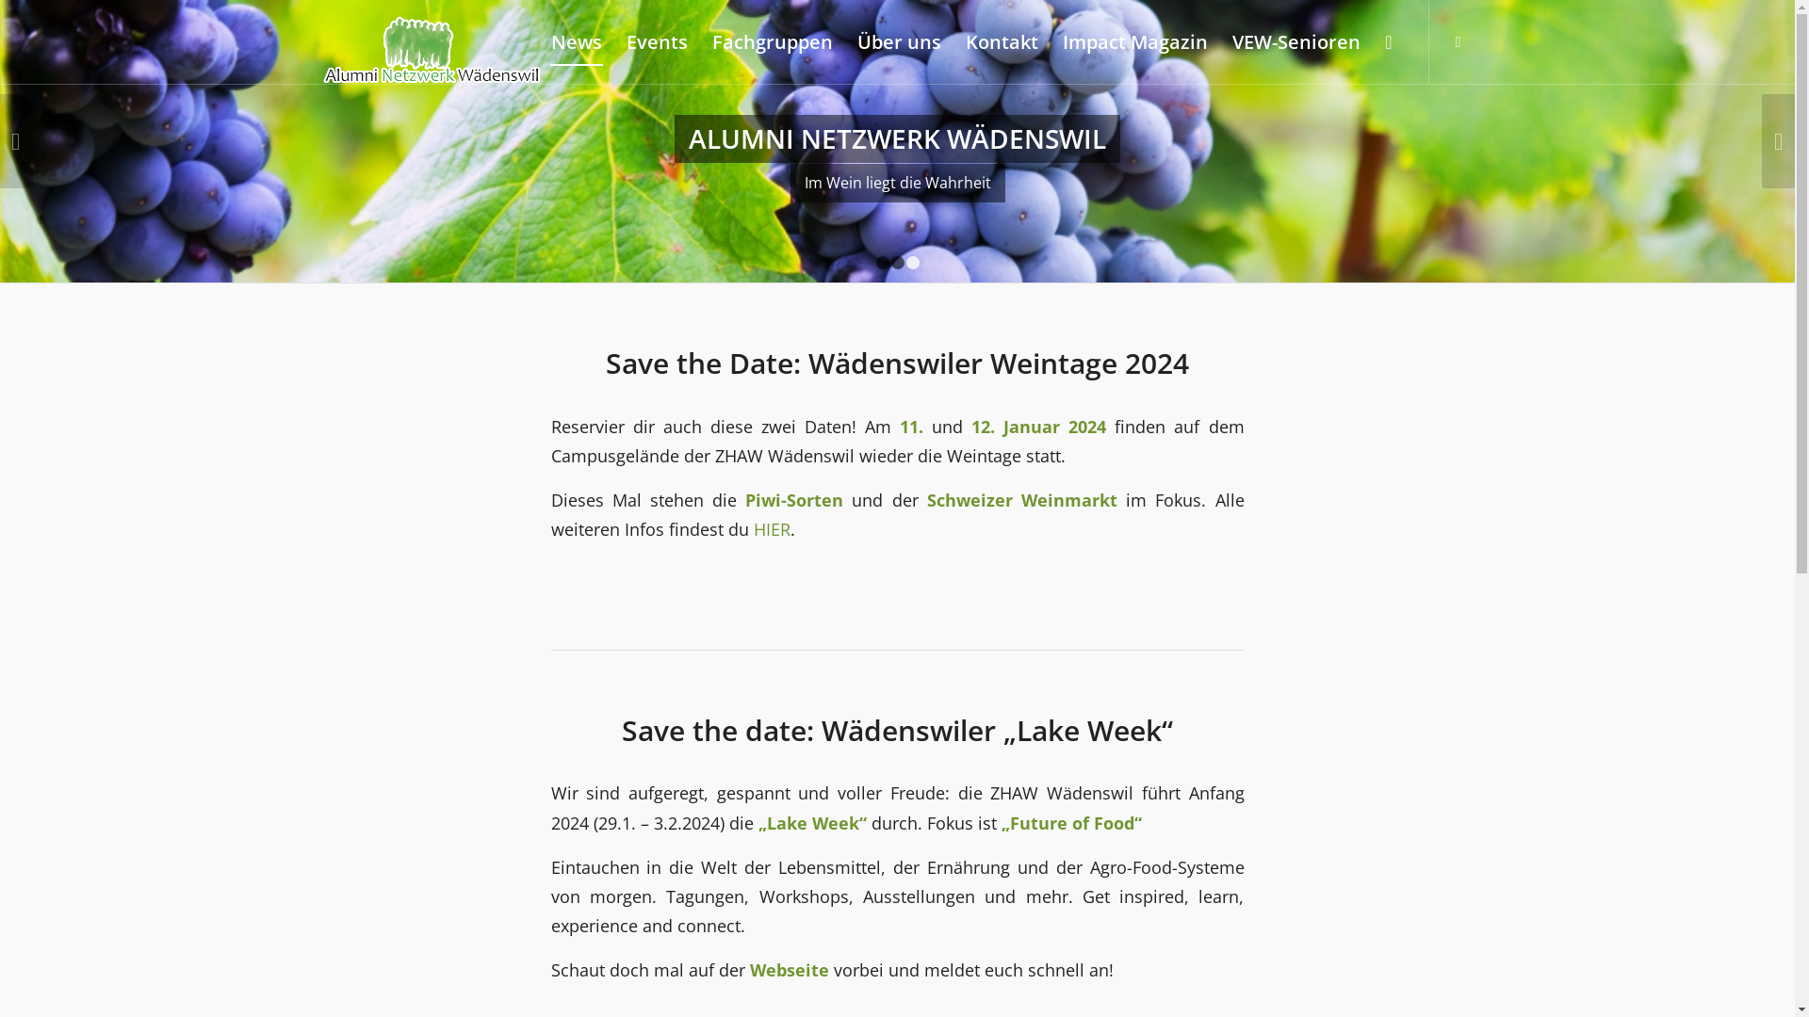 This screenshot has height=1017, width=1809. I want to click on 'LinkedIn', so click(1456, 40).